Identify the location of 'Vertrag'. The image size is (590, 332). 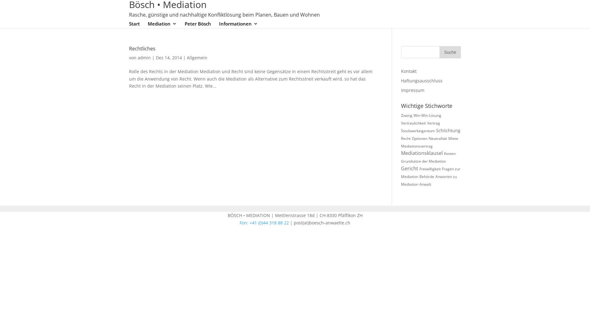
(433, 123).